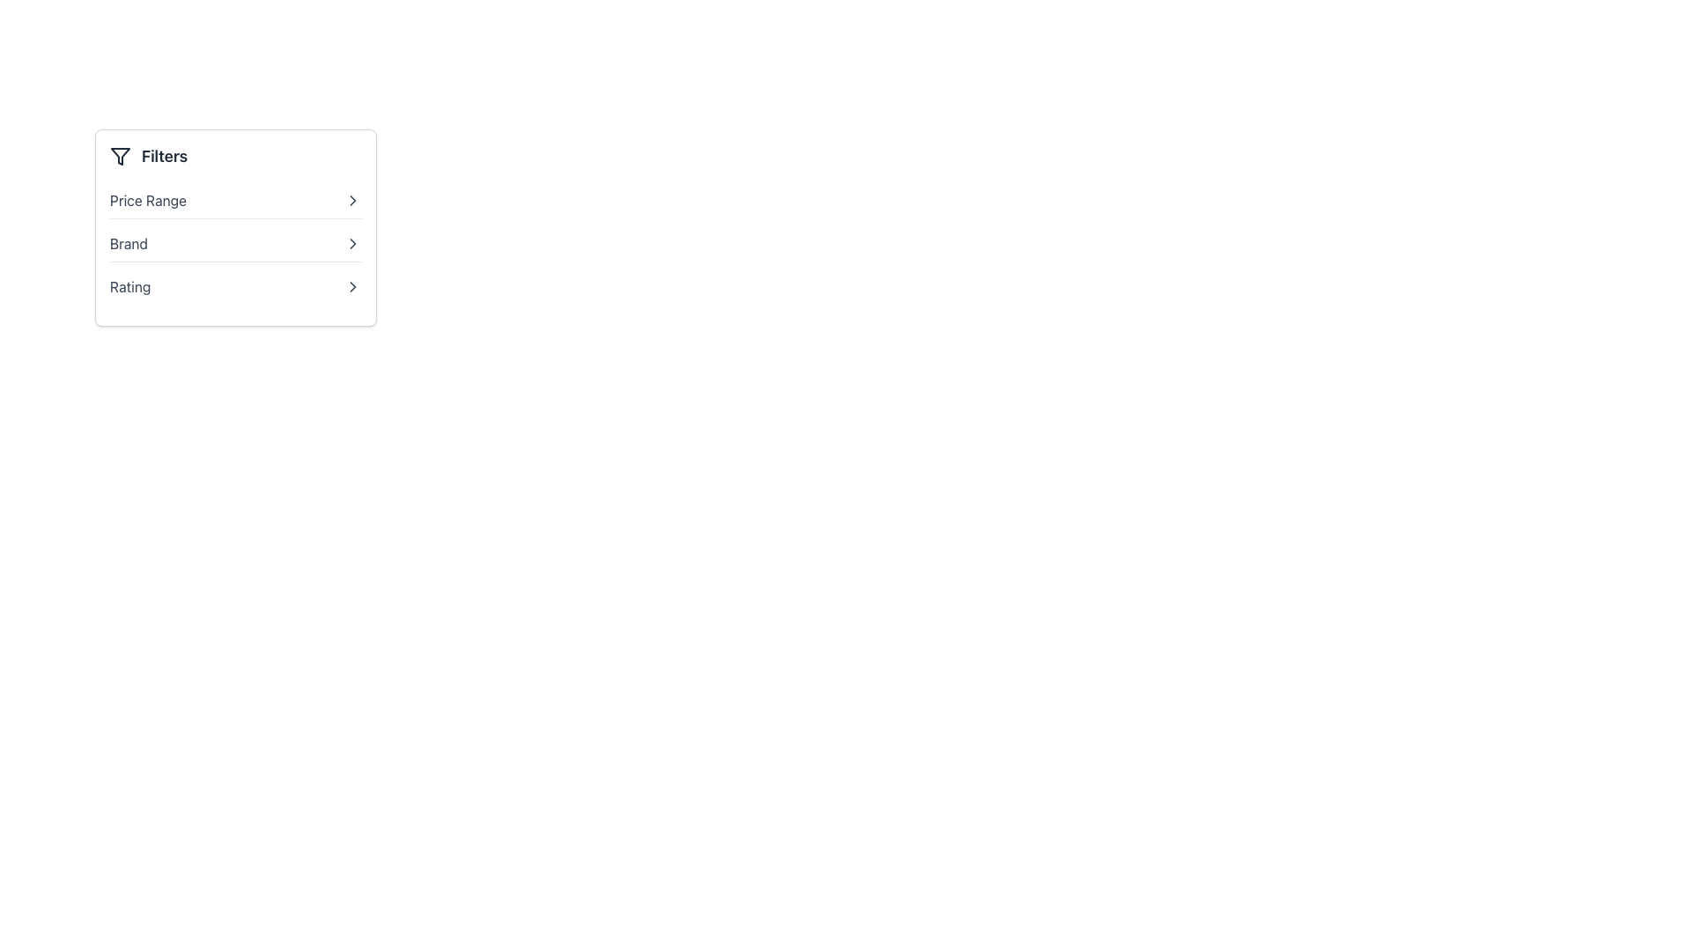 The width and height of the screenshot is (1691, 951). I want to click on the 'Brand' text label within the clickable filter option, so click(128, 244).